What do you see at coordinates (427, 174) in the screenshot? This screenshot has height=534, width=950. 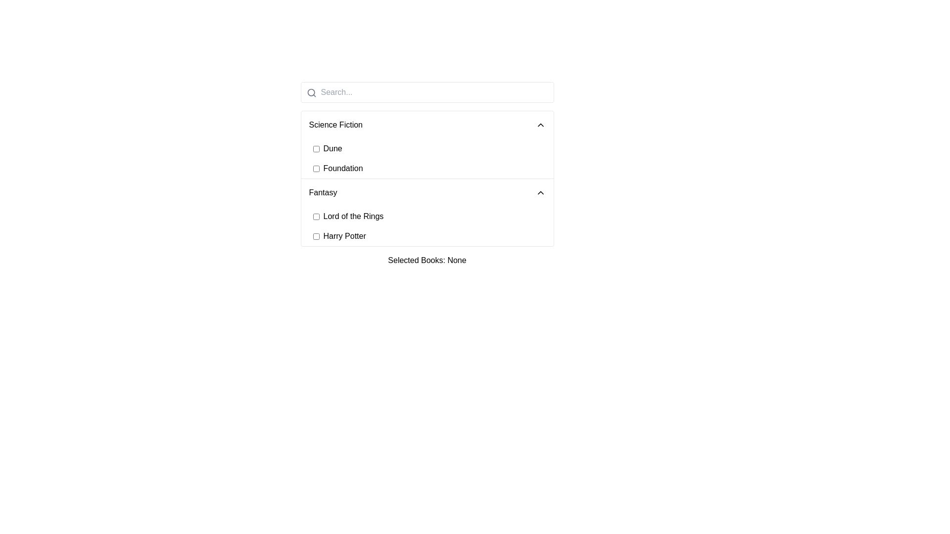 I see `the checkbox item in the categorized selection list under the 'Science Fiction' category` at bounding box center [427, 174].